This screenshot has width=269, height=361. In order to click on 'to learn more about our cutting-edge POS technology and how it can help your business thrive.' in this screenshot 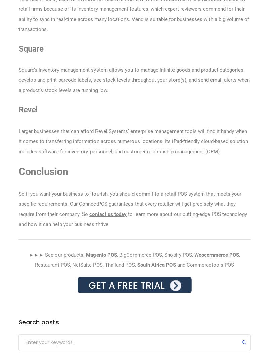, I will do `click(132, 219)`.